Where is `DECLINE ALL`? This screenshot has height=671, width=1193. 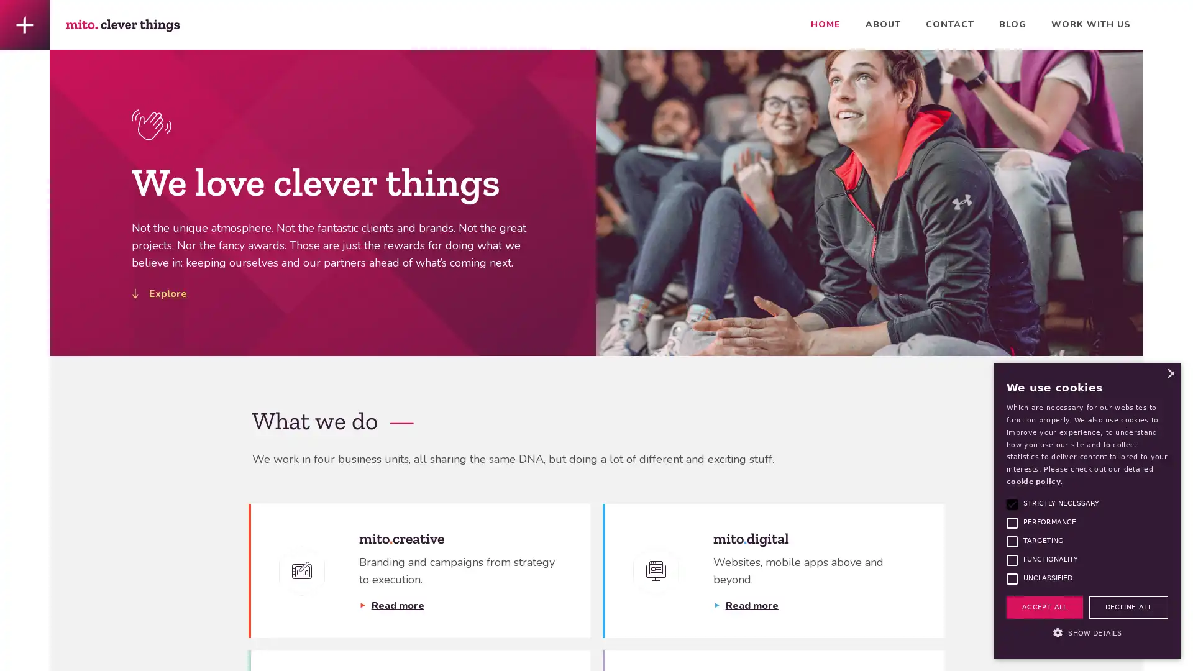 DECLINE ALL is located at coordinates (1128, 606).